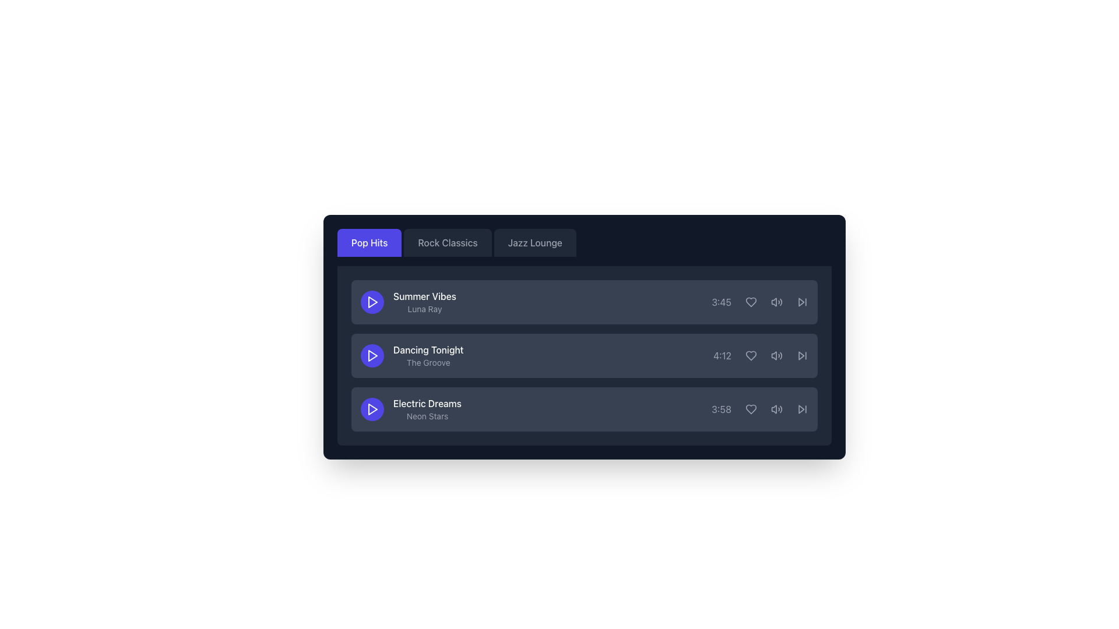  Describe the element at coordinates (408, 302) in the screenshot. I see `the text label identifying the song 'Summer Vibes' by the artist 'Luna Ray'` at that location.